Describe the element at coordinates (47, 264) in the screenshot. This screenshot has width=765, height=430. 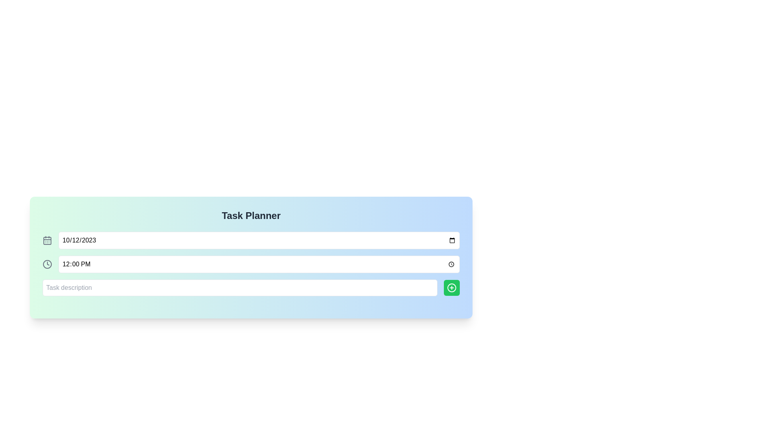
I see `the minimalist gray clock icon with a round face located to the left of the time input field displaying '12:00 PM'` at that location.